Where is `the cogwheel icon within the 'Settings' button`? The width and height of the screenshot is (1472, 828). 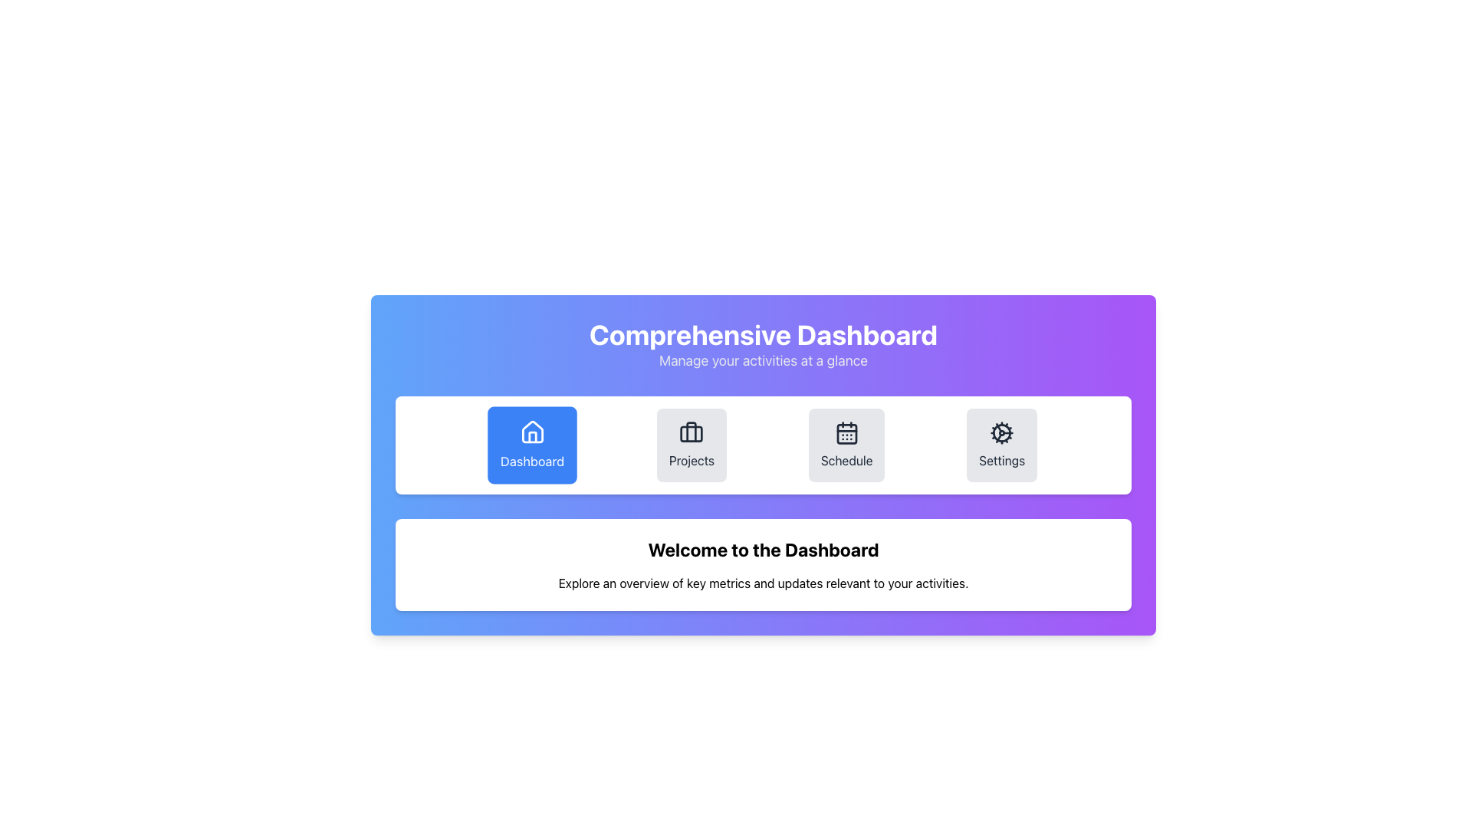 the cogwheel icon within the 'Settings' button is located at coordinates (1002, 432).